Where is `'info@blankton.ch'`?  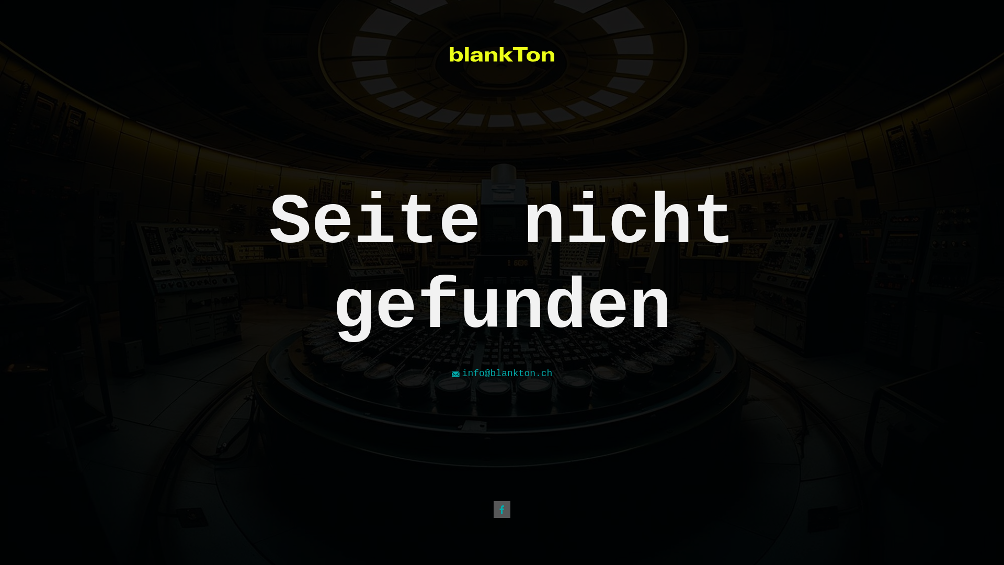 'info@blankton.ch' is located at coordinates (502, 373).